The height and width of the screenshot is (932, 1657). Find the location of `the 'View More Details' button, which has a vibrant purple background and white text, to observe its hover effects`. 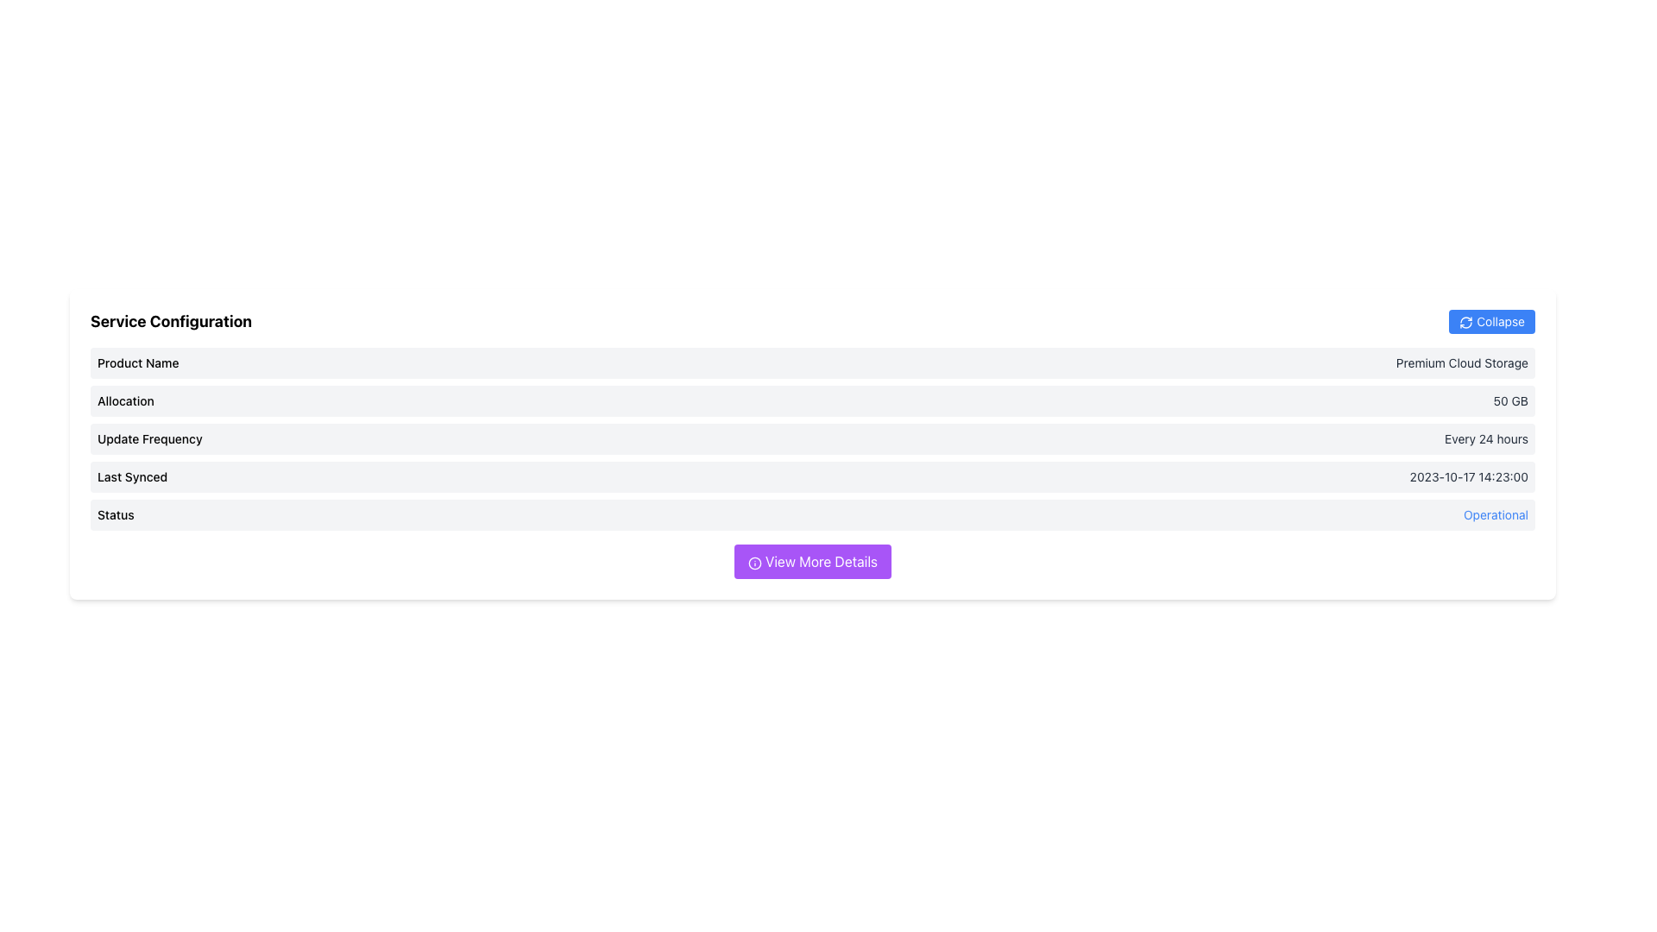

the 'View More Details' button, which has a vibrant purple background and white text, to observe its hover effects is located at coordinates (811, 562).